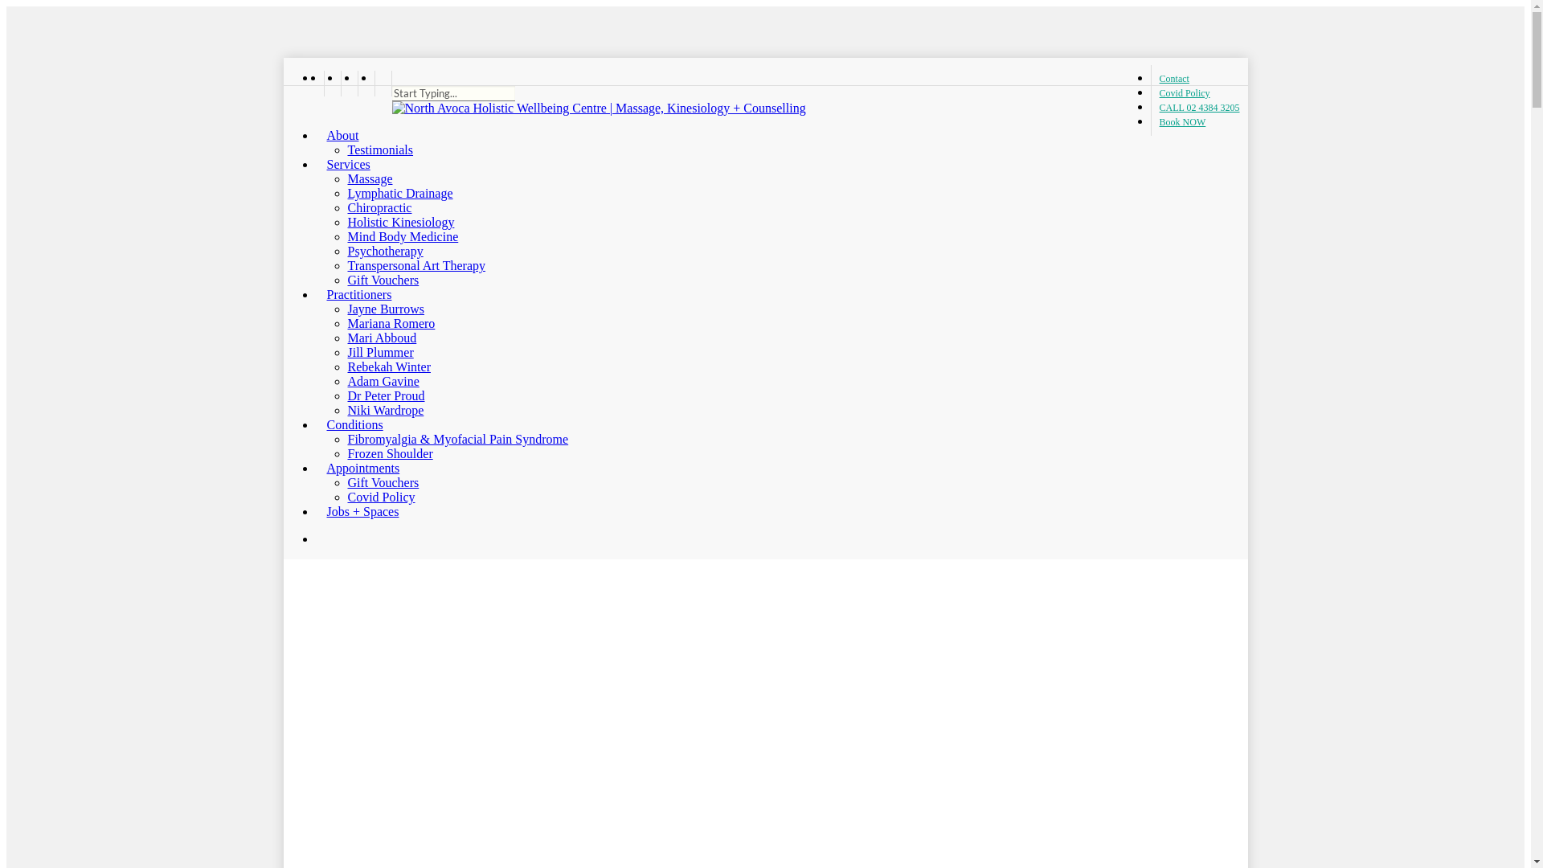 The width and height of the screenshot is (1543, 868). I want to click on 'Mariana Romero', so click(391, 323).